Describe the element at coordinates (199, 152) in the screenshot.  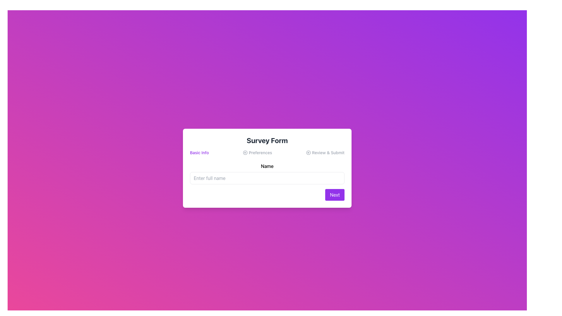
I see `the text label that denotes the current active section in the multi-step form, located to the left of 'Preferences' and 'Review & Submit'` at that location.